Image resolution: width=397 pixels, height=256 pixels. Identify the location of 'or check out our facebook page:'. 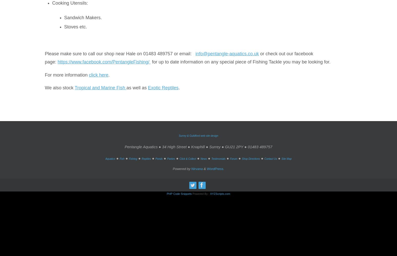
(179, 57).